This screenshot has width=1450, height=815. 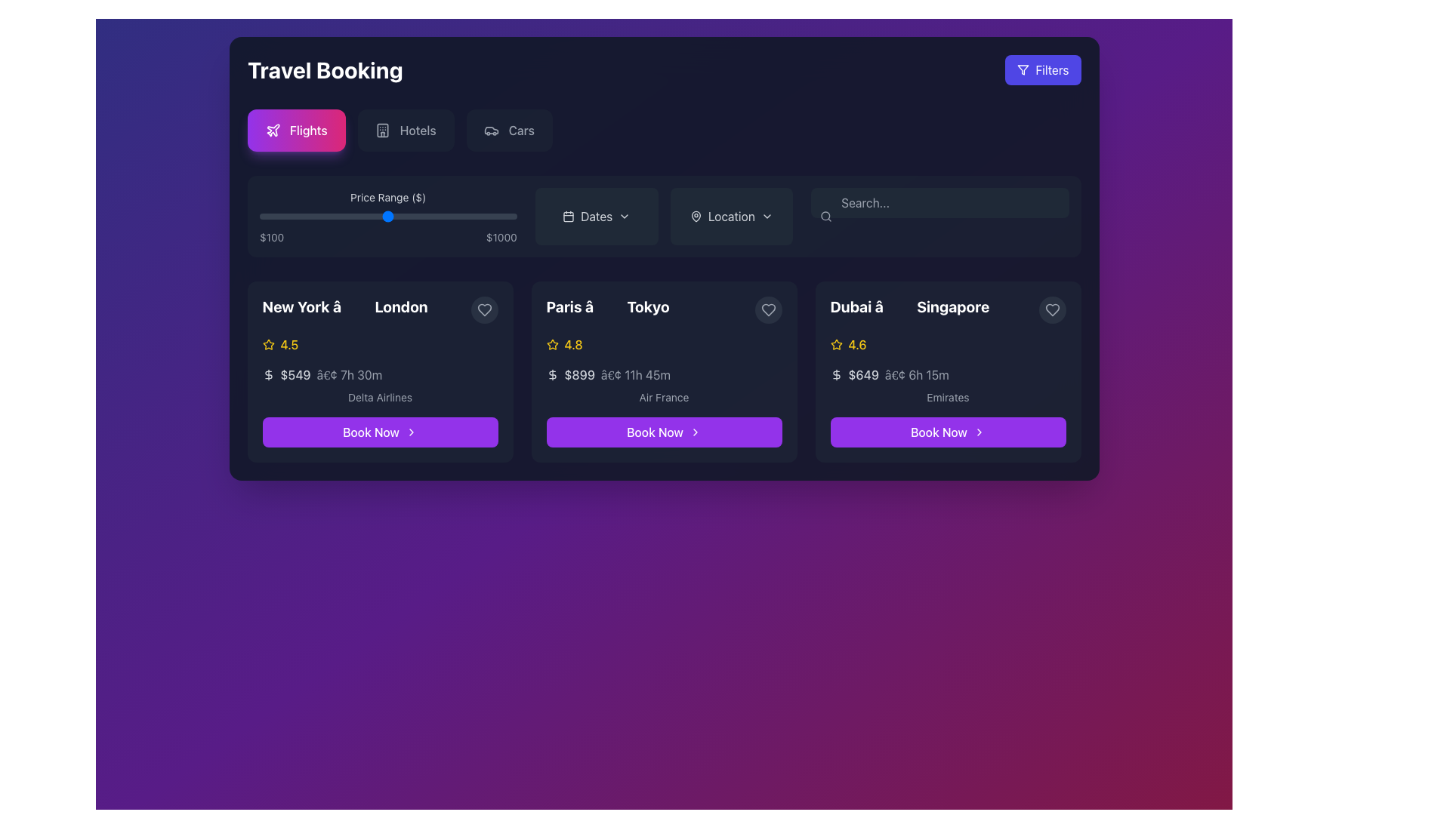 I want to click on the Text label displaying '$100', which is positioned at the bottom left of the 'Price Range ($)' slider component, so click(x=271, y=238).